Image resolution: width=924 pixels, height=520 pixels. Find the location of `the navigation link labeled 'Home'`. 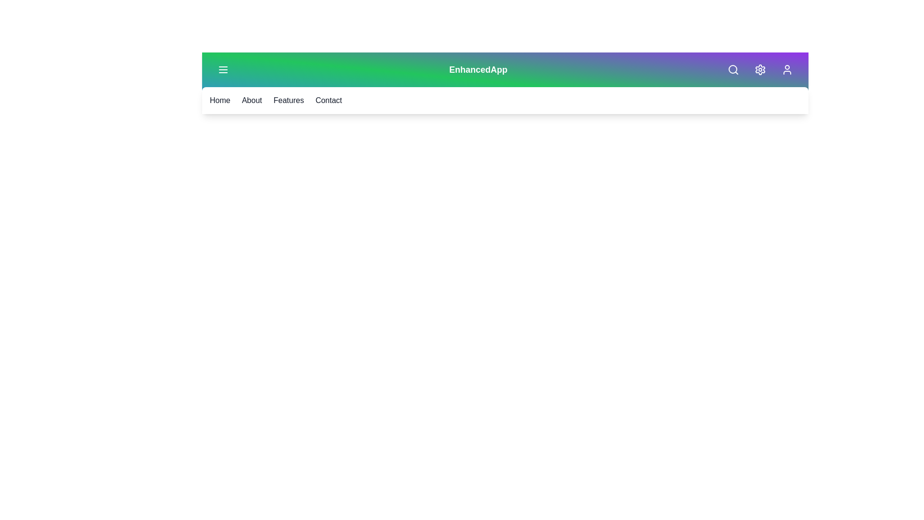

the navigation link labeled 'Home' is located at coordinates (219, 100).